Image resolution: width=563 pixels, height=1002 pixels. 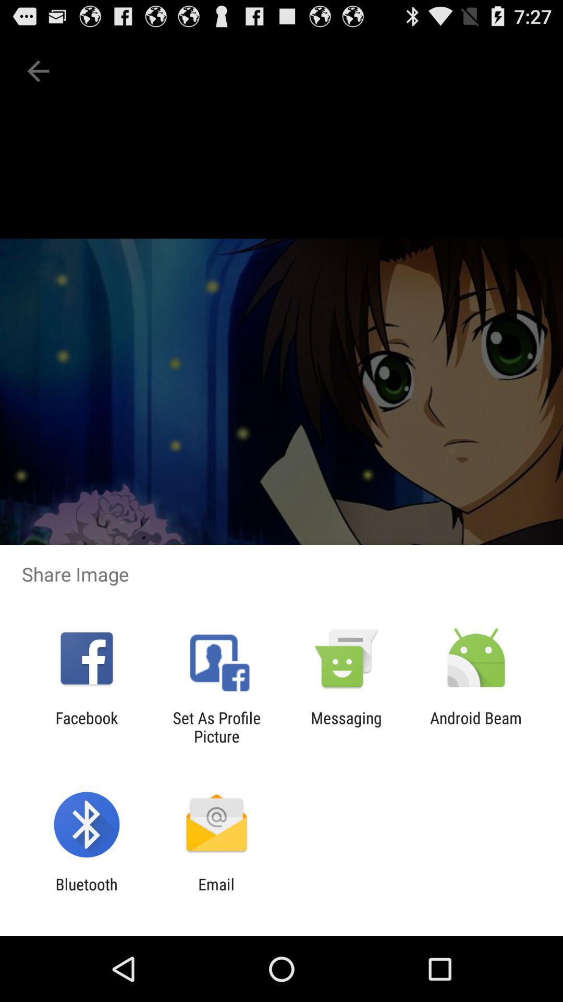 I want to click on the email, so click(x=216, y=893).